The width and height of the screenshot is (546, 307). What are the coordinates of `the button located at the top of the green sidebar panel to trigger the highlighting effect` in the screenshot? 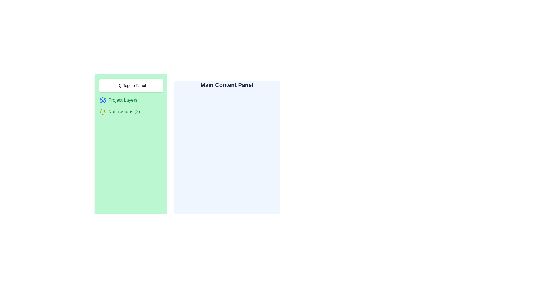 It's located at (131, 85).